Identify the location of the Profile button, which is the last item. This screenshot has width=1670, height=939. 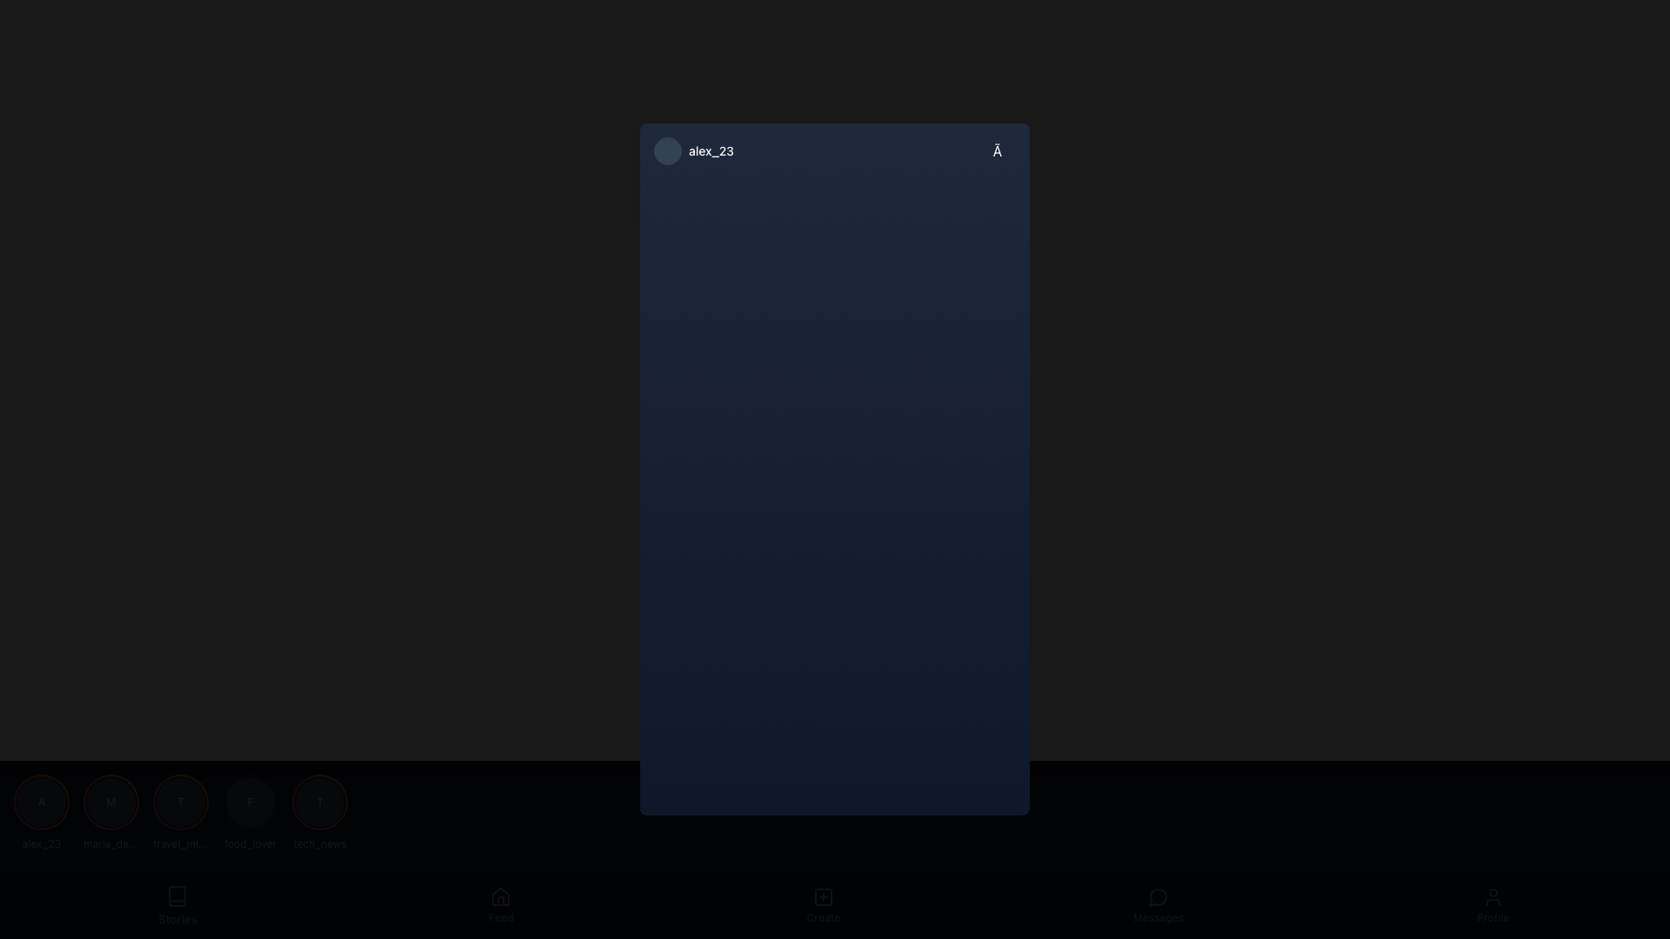
(1492, 904).